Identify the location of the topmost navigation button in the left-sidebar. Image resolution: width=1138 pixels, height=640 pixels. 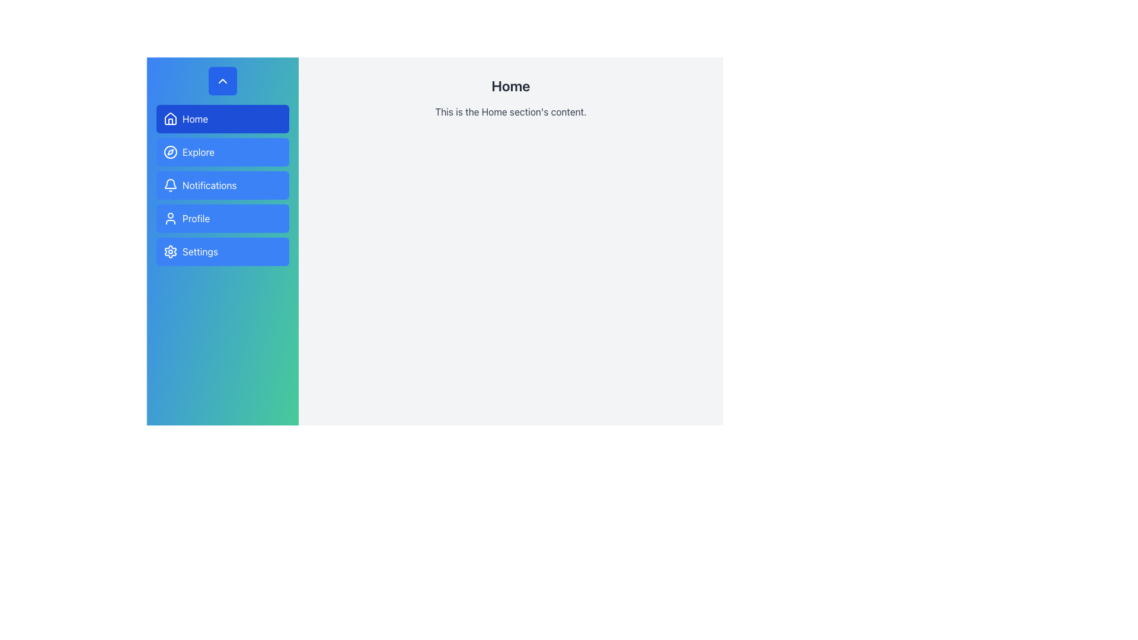
(222, 119).